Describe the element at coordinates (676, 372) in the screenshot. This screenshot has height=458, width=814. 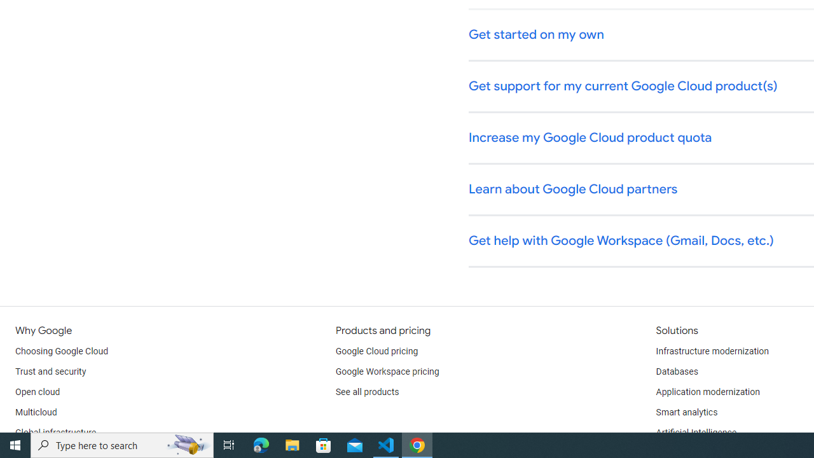
I see `'Databases'` at that location.